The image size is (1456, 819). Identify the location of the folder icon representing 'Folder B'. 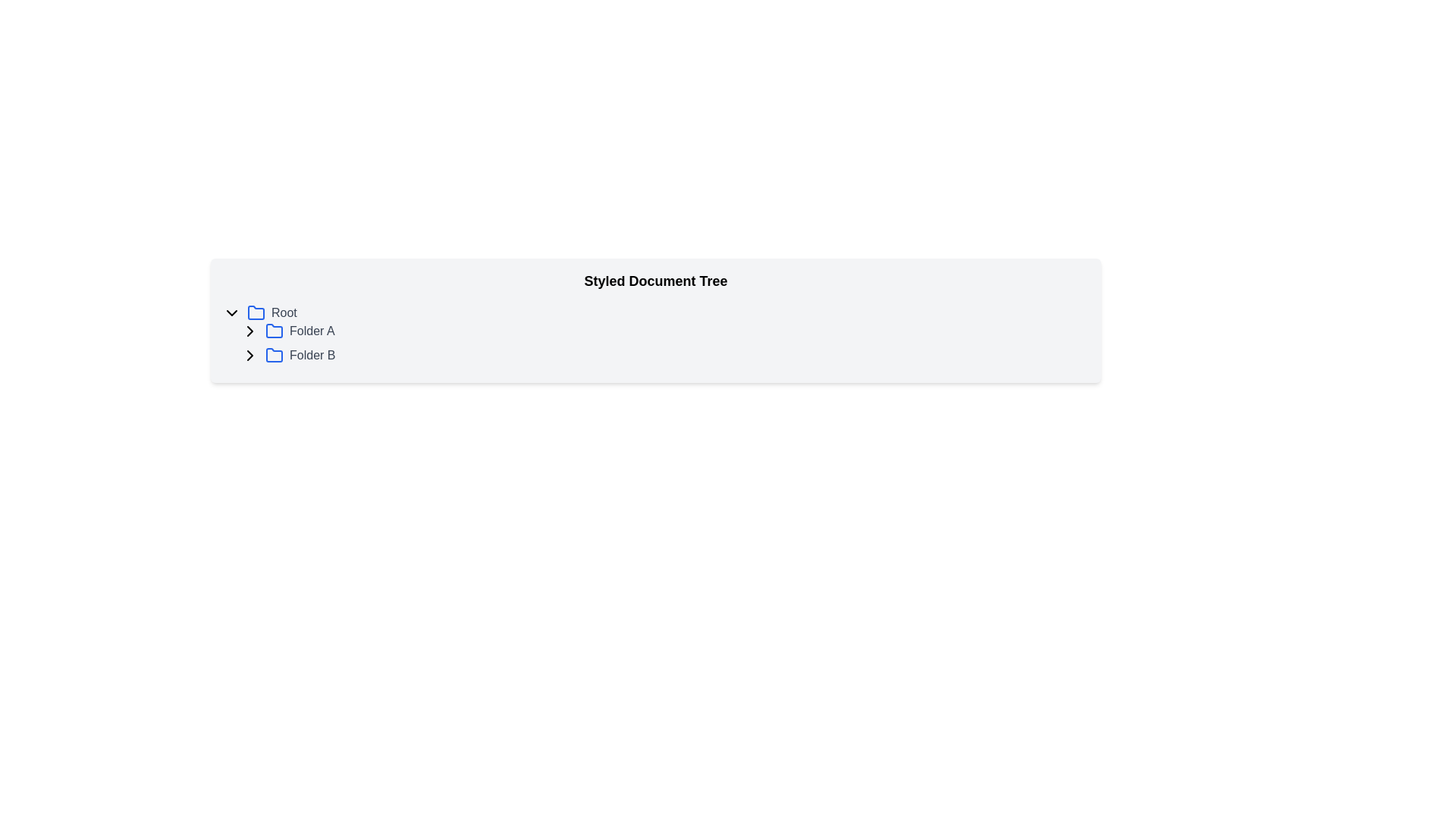
(274, 355).